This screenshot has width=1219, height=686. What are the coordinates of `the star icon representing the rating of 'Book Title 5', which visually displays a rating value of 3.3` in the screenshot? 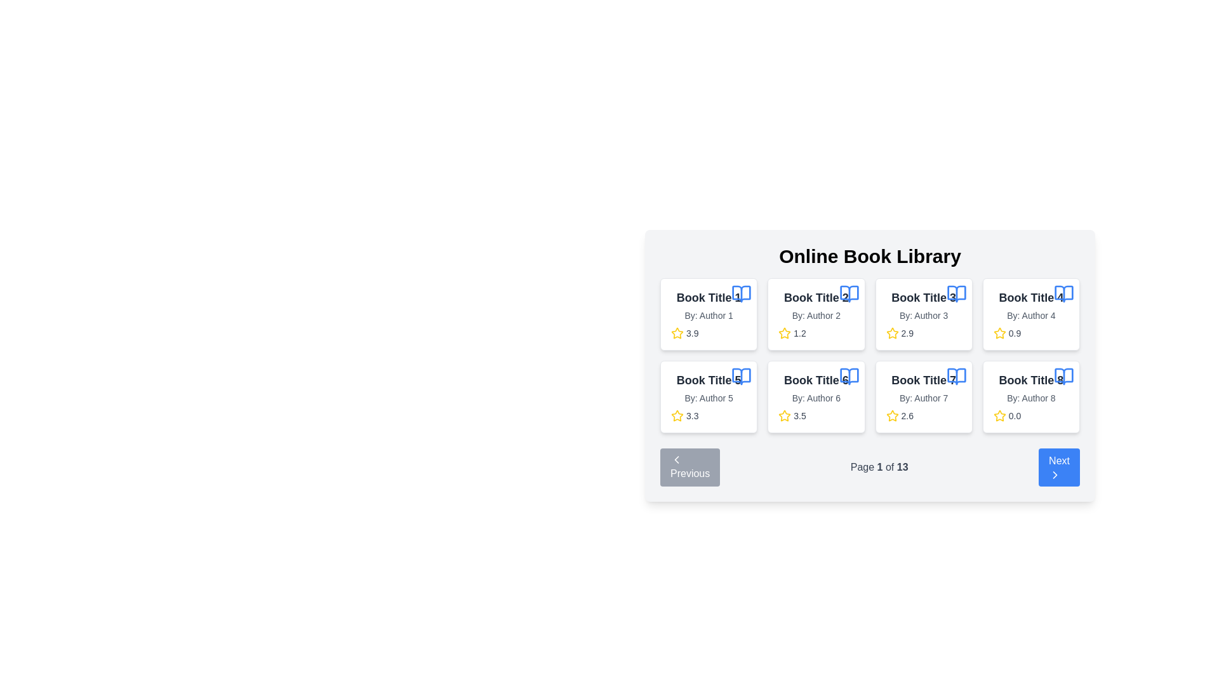 It's located at (676, 416).